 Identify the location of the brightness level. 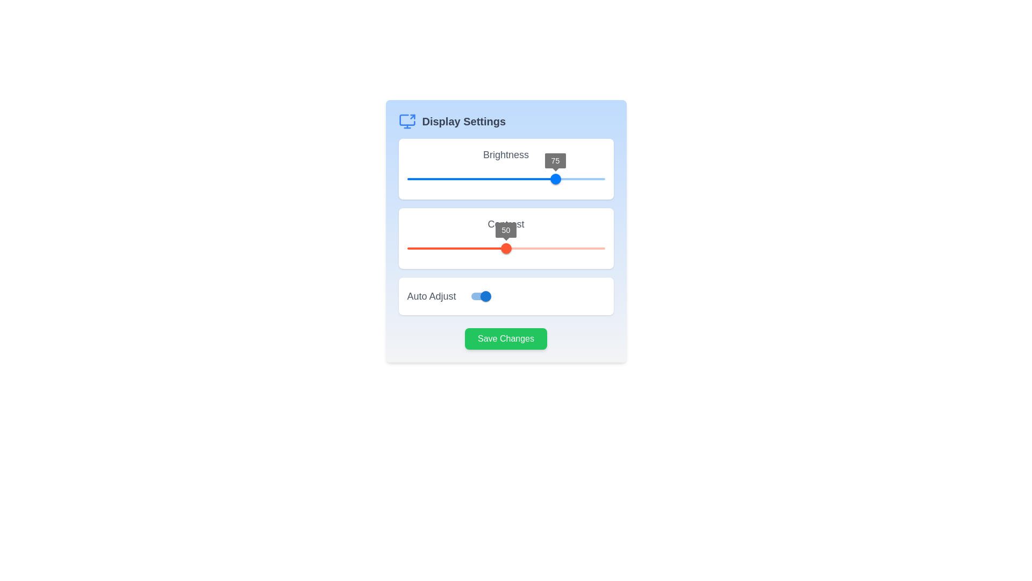
(485, 178).